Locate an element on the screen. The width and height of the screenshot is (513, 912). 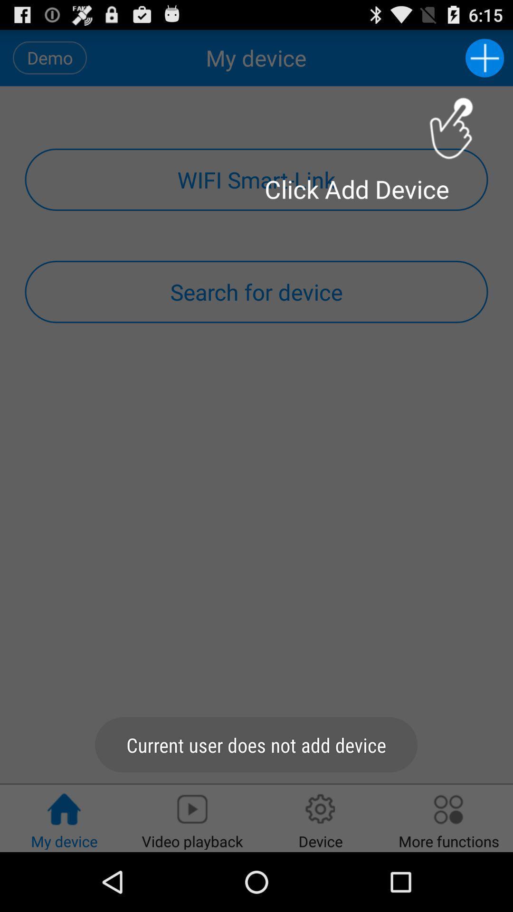
the add icon is located at coordinates (484, 61).